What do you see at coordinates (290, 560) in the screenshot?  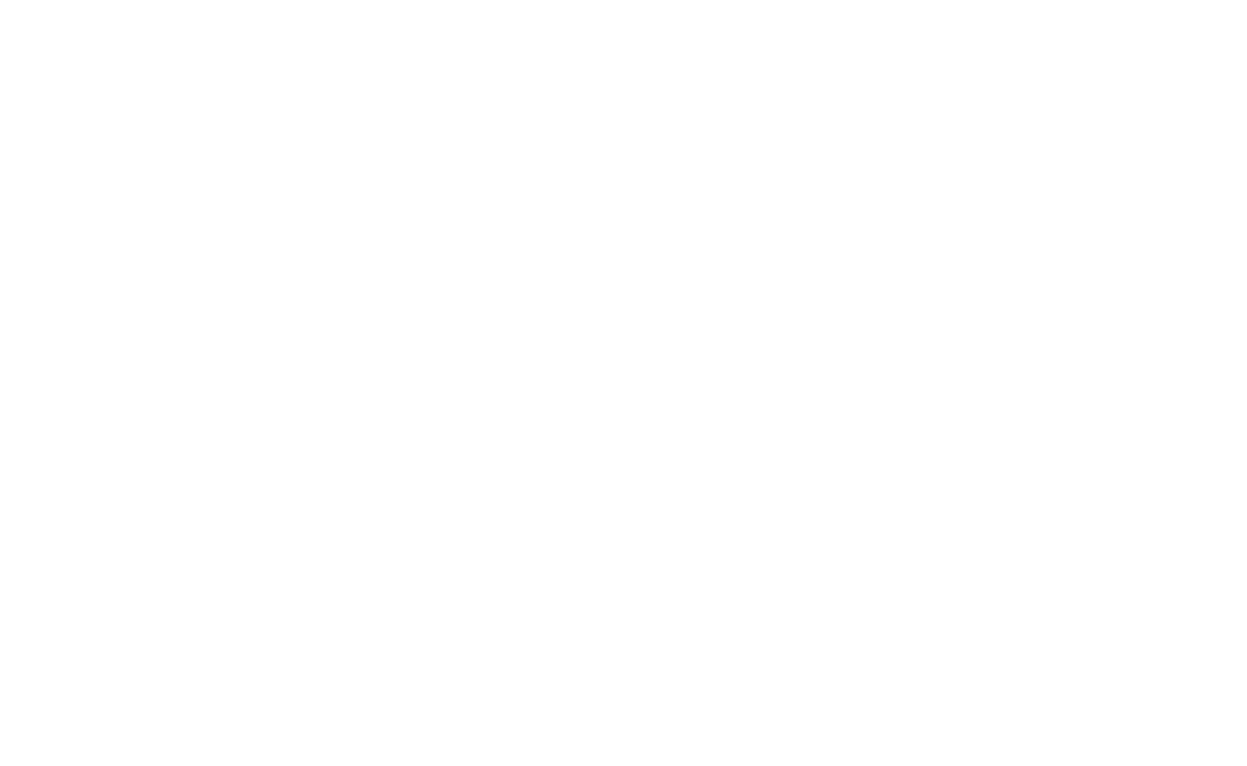 I see `'Lundqvist Savoring “Special” Hockey Hall of Fame Weekend'` at bounding box center [290, 560].